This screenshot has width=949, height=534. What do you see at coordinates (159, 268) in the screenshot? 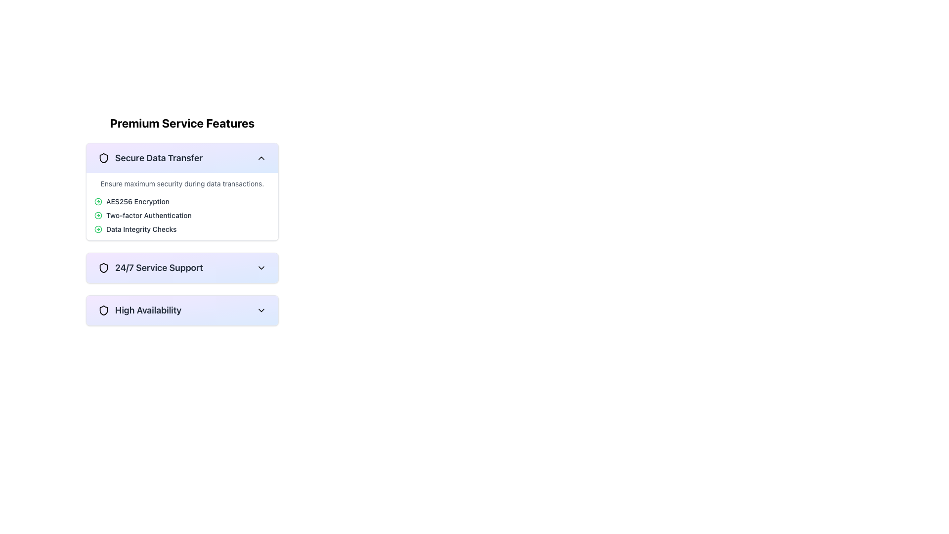
I see `the text label stating '24/7 Service Support', which is prominently styled in bold, dark gray font, located to the right of a shield icon within a light purple background` at bounding box center [159, 268].